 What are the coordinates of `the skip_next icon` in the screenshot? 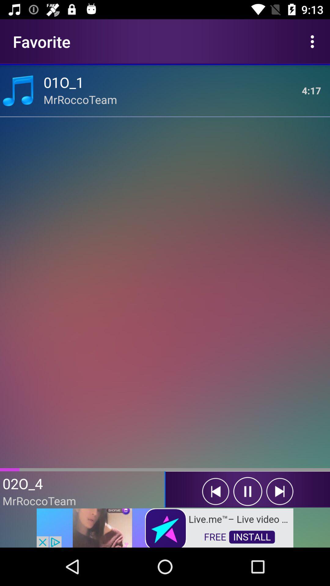 It's located at (280, 491).